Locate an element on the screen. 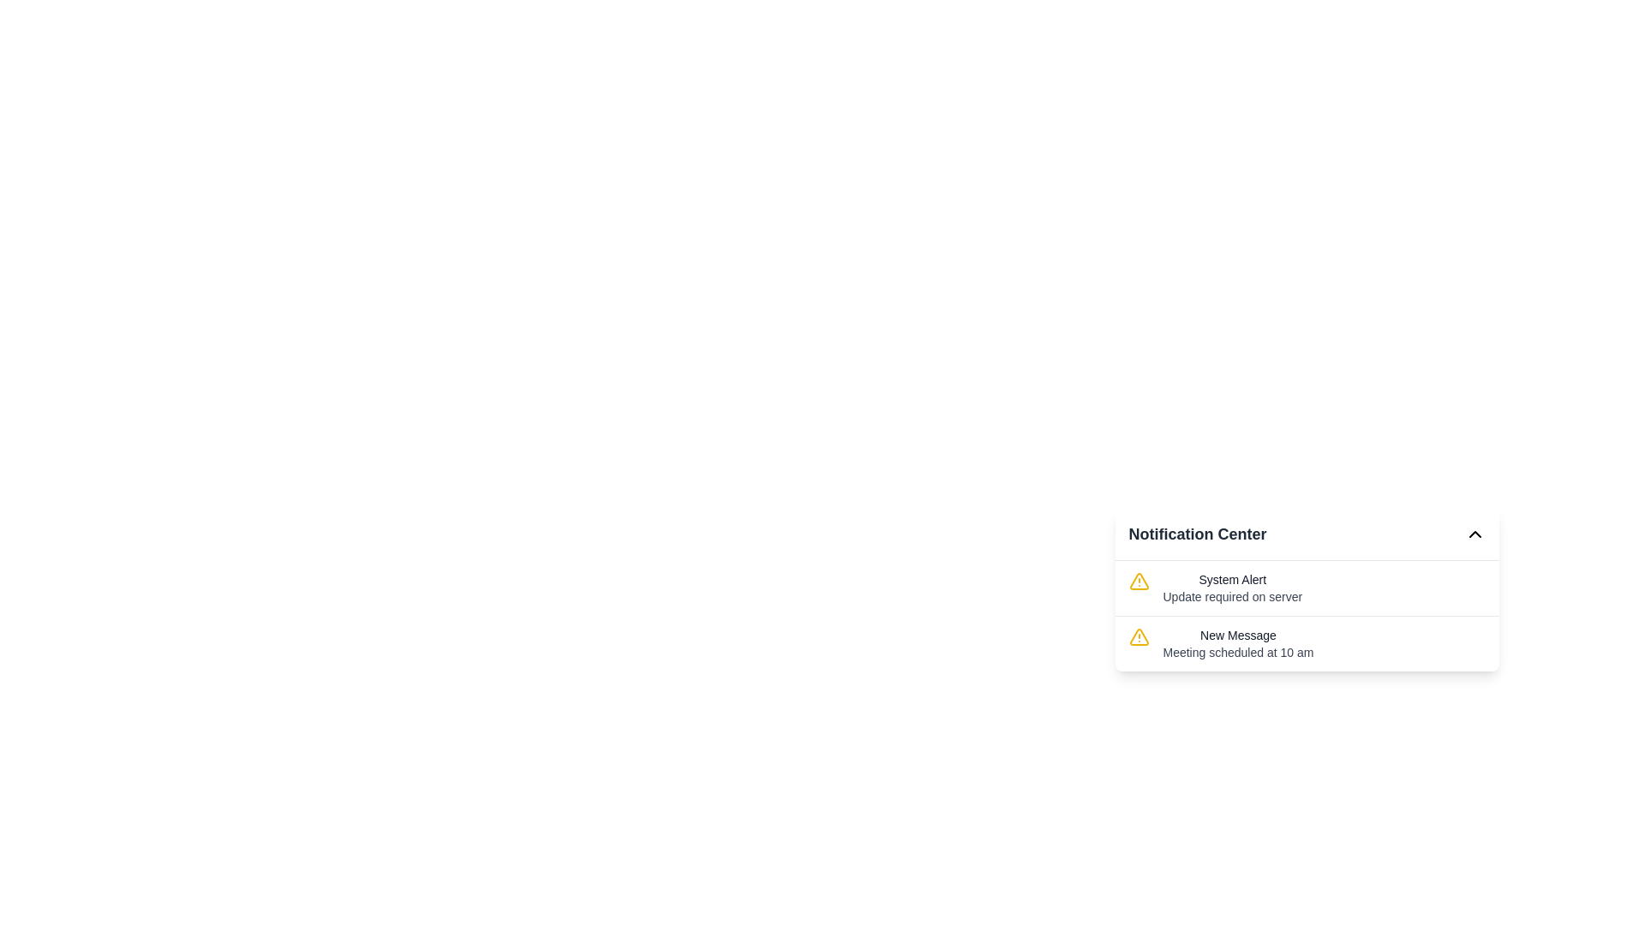  the icon button located in the top-right corner of the 'Notification Center' is located at coordinates (1474, 534).